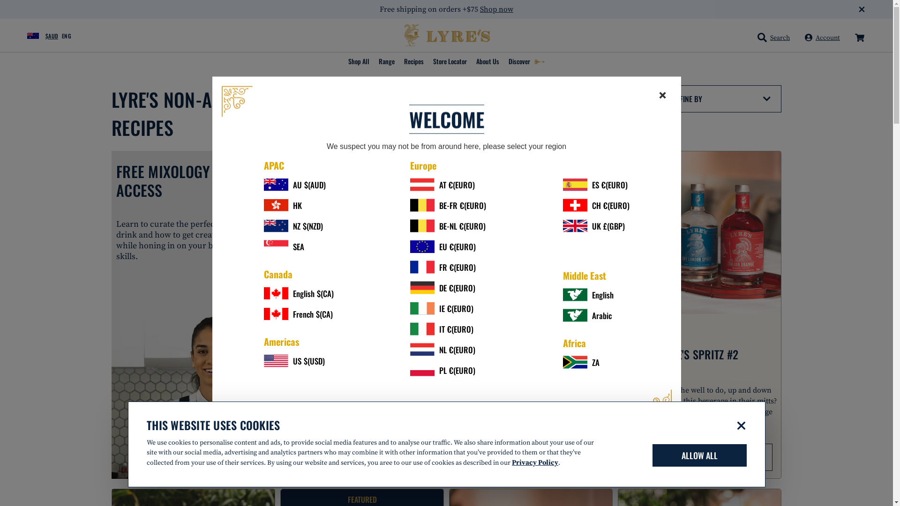 This screenshot has height=506, width=900. What do you see at coordinates (472, 61) in the screenshot?
I see `'About Us'` at bounding box center [472, 61].